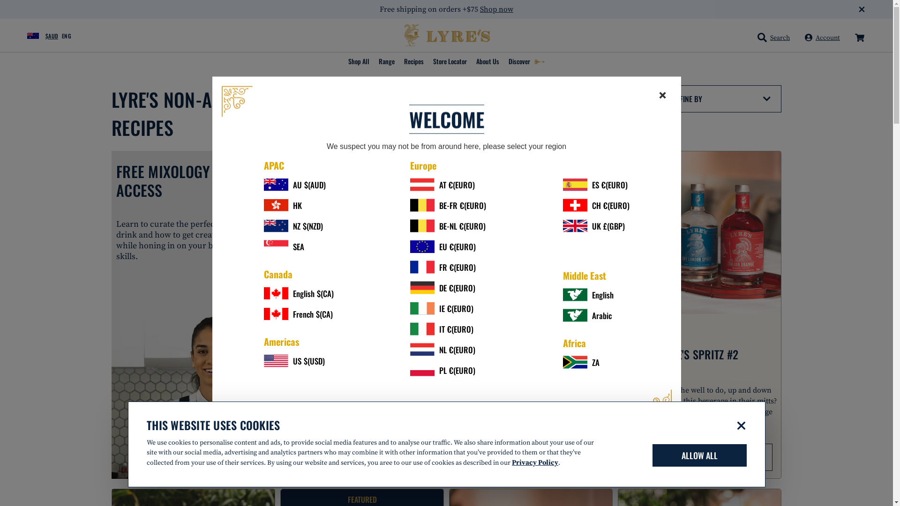 This screenshot has height=506, width=900. What do you see at coordinates (472, 61) in the screenshot?
I see `'About Us'` at bounding box center [472, 61].